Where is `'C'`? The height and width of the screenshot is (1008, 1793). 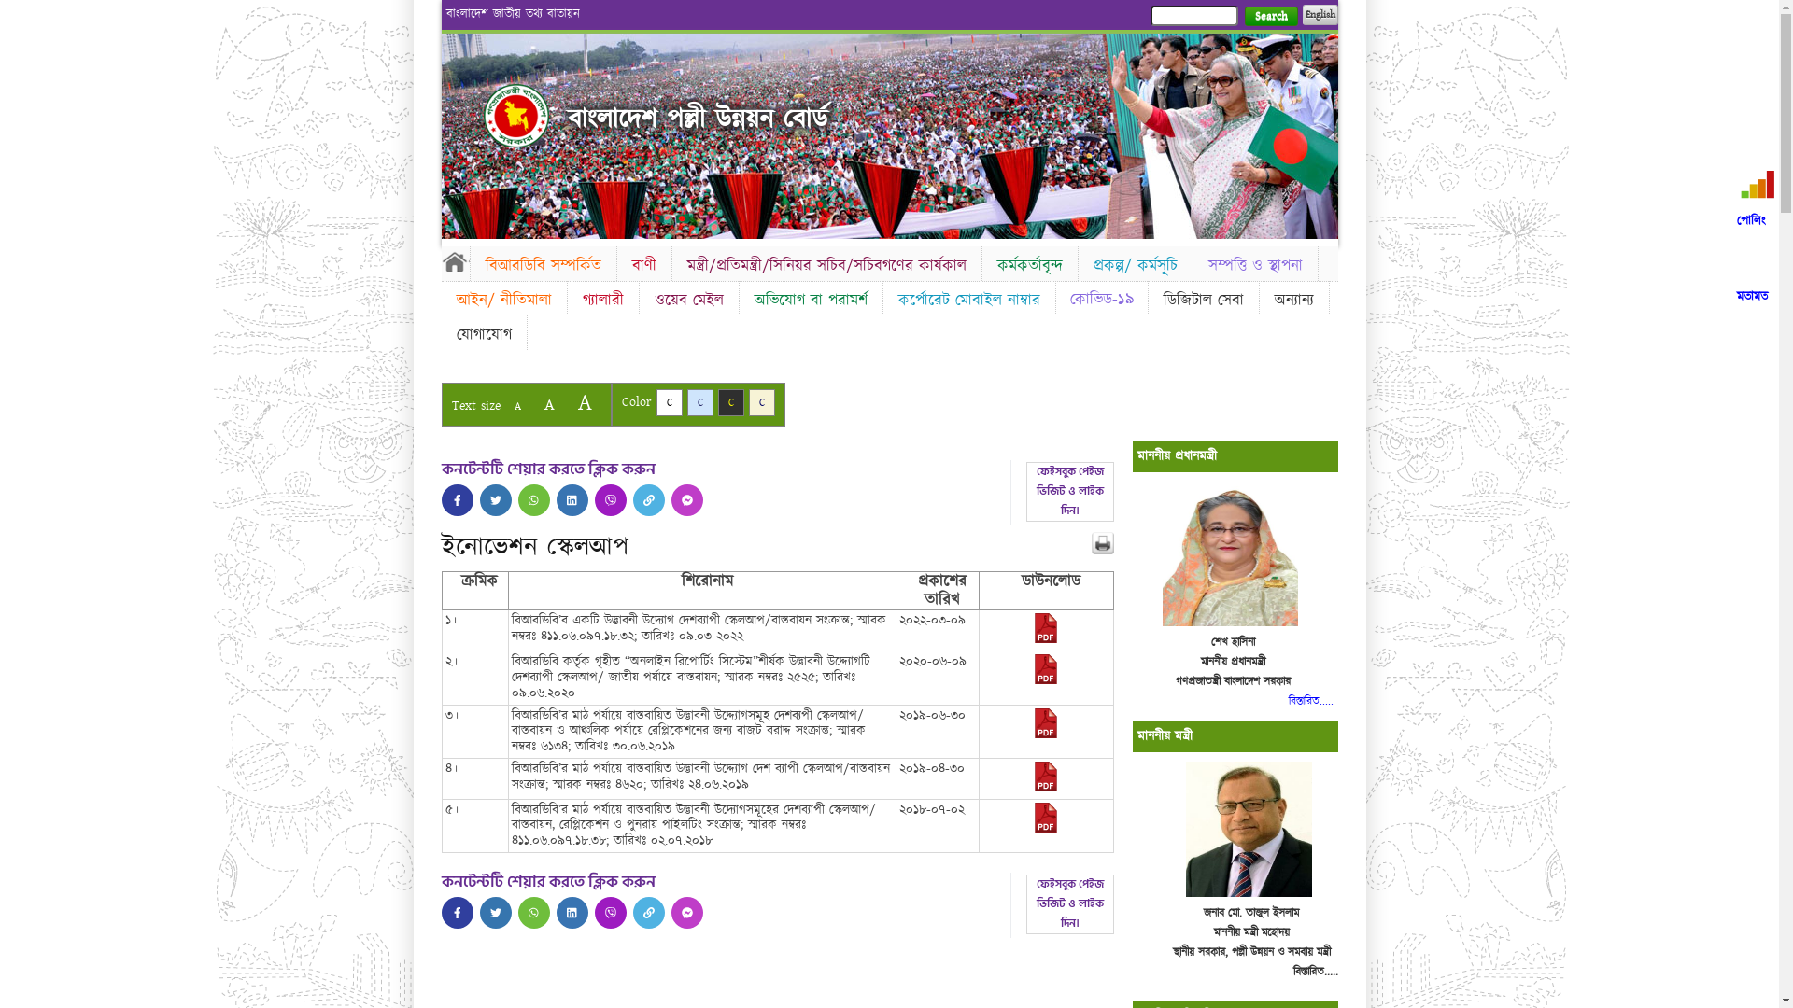 'C' is located at coordinates (685, 401).